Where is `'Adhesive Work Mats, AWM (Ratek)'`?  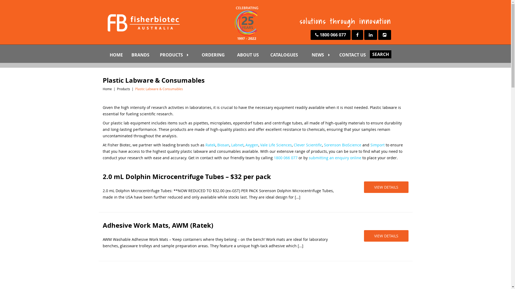
'Adhesive Work Mats, AWM (Ratek)' is located at coordinates (220, 225).